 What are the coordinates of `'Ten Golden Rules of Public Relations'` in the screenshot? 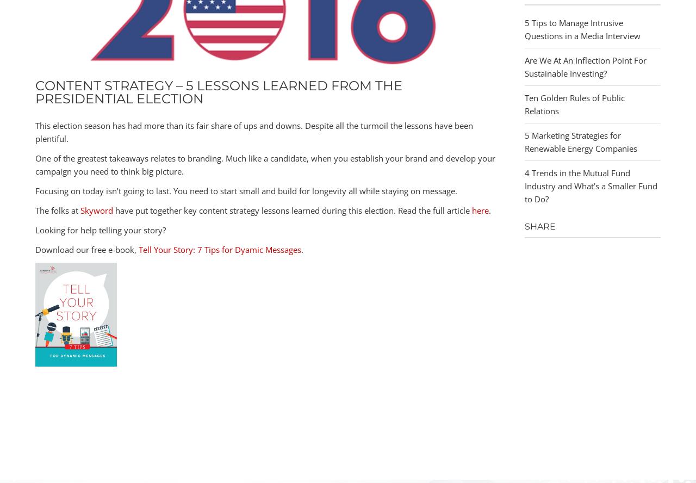 It's located at (574, 103).